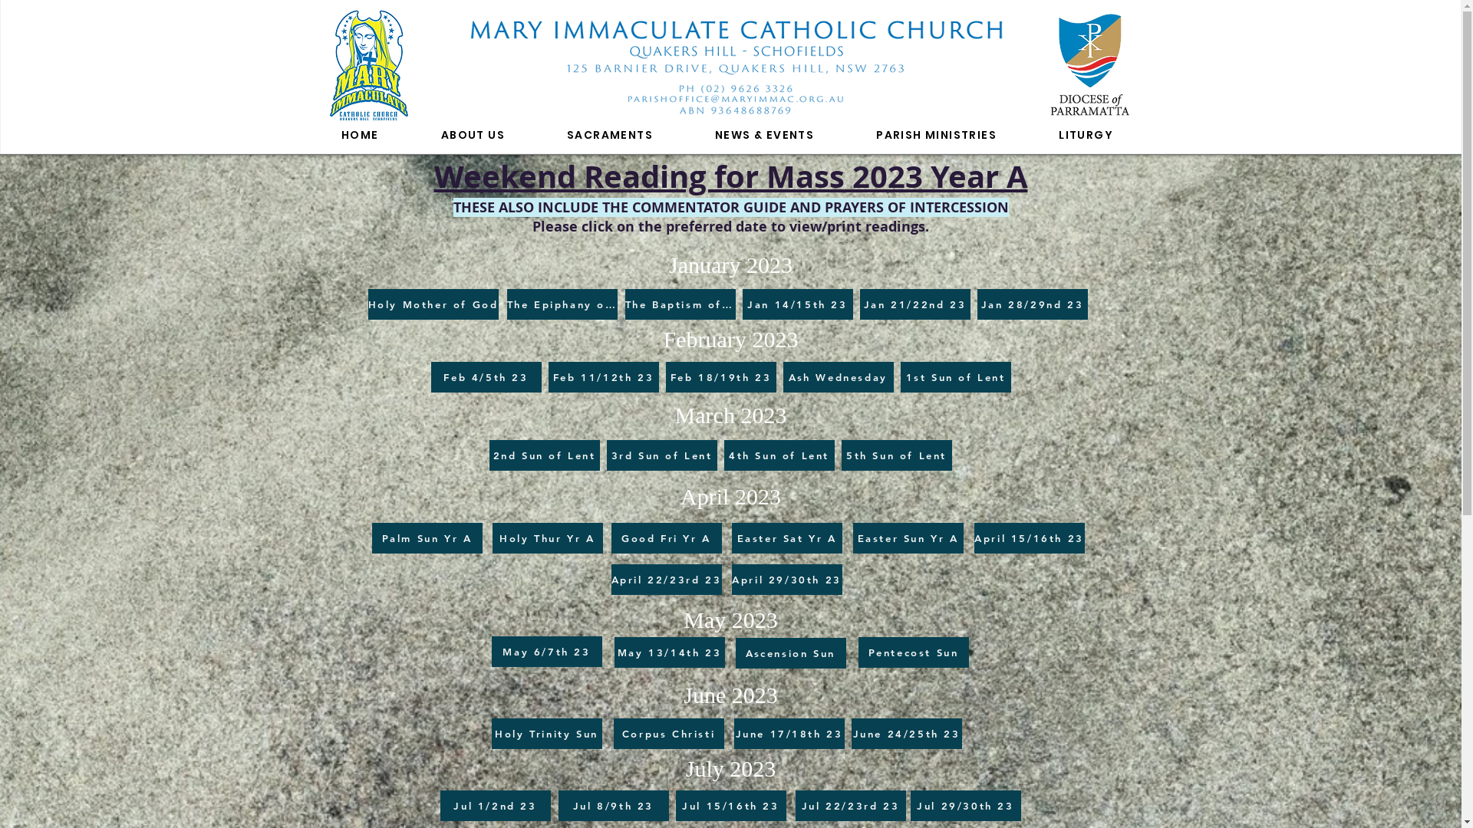 The width and height of the screenshot is (1473, 828). I want to click on 'Jan 28/29nd 23', so click(1032, 304).